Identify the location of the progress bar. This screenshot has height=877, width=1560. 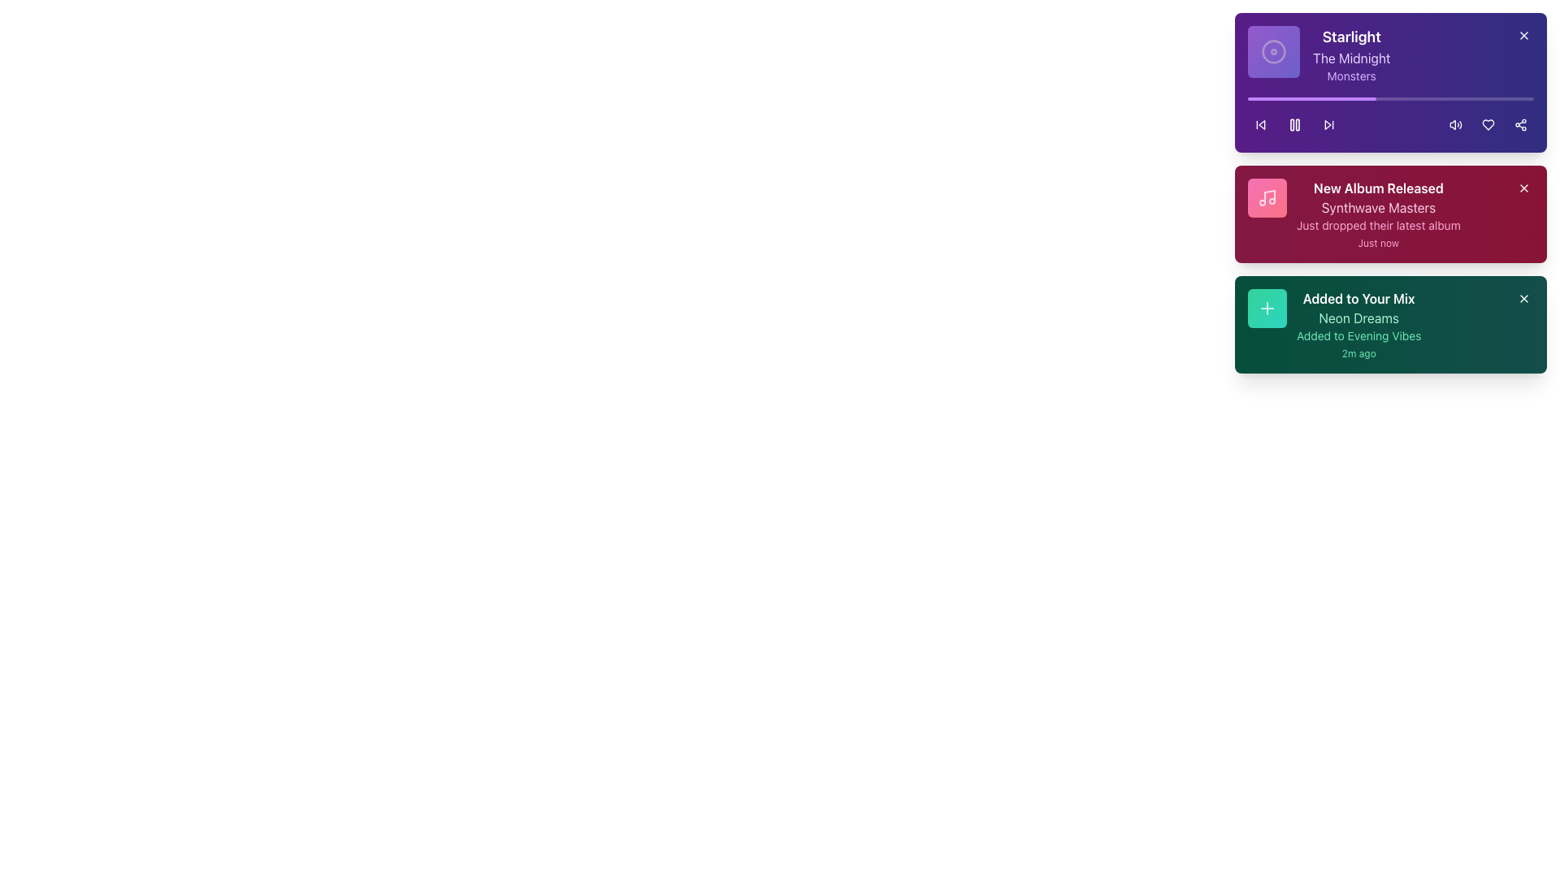
(1350, 99).